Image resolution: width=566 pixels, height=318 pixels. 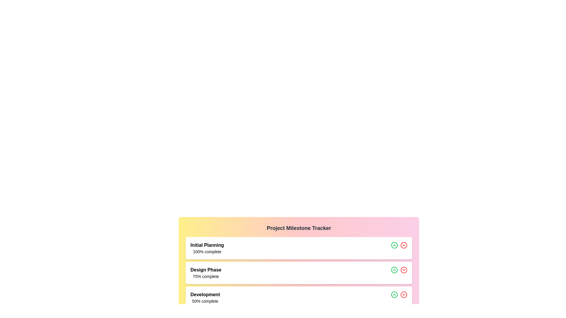 What do you see at coordinates (394, 270) in the screenshot?
I see `the circular green button with an upward-pointing chevron, located to the left of the downward-chevron icon in the top position of its group` at bounding box center [394, 270].